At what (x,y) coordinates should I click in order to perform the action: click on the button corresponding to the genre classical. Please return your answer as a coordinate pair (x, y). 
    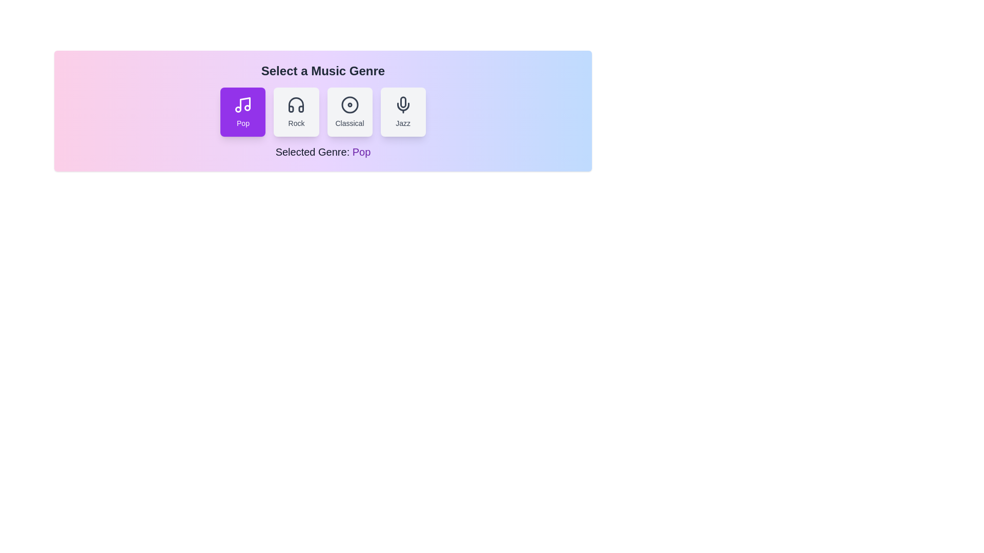
    Looking at the image, I should click on (350, 112).